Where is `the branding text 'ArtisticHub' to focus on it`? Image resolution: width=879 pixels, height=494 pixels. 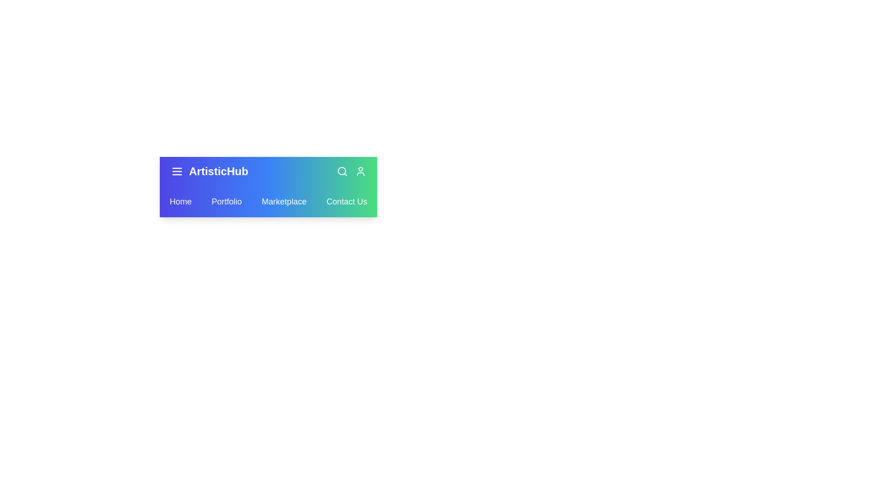 the branding text 'ArtisticHub' to focus on it is located at coordinates (217, 171).